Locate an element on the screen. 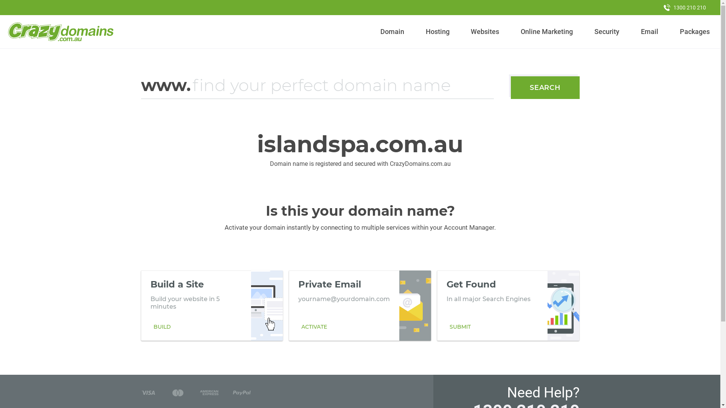 This screenshot has height=408, width=726. 'Private Email is located at coordinates (359, 305).